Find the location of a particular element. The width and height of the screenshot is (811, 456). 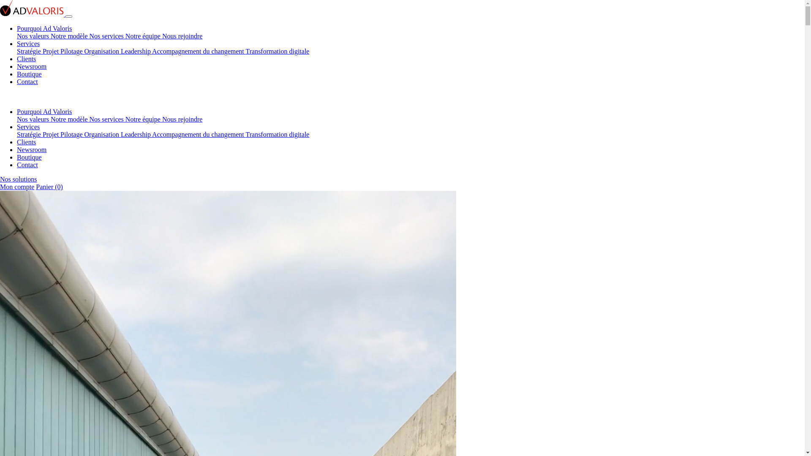

'Services' is located at coordinates (28, 43).